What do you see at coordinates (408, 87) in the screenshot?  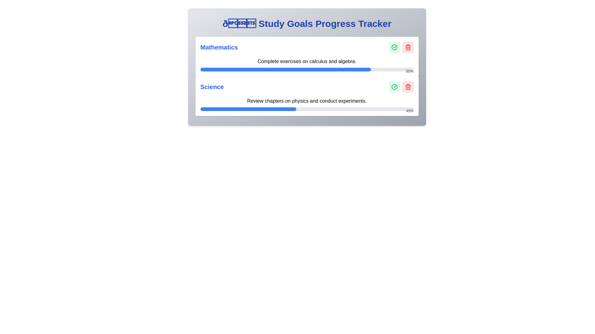 I see `the delete action button located in the Science section, which is the second button from the left in the group of action buttons and positioned immediately next to a green confirmation button, to initiate a delete action` at bounding box center [408, 87].